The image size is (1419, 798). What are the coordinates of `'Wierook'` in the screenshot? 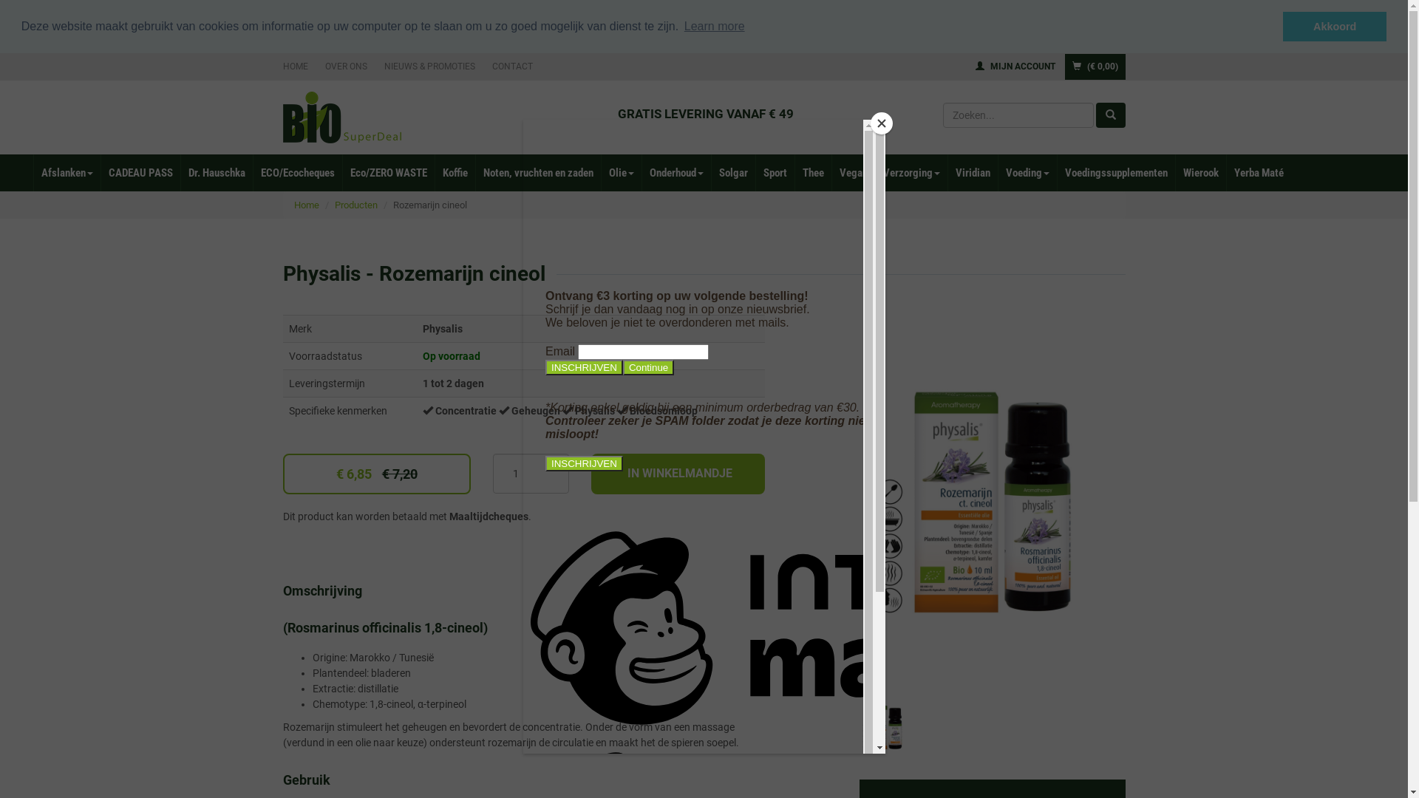 It's located at (1200, 171).